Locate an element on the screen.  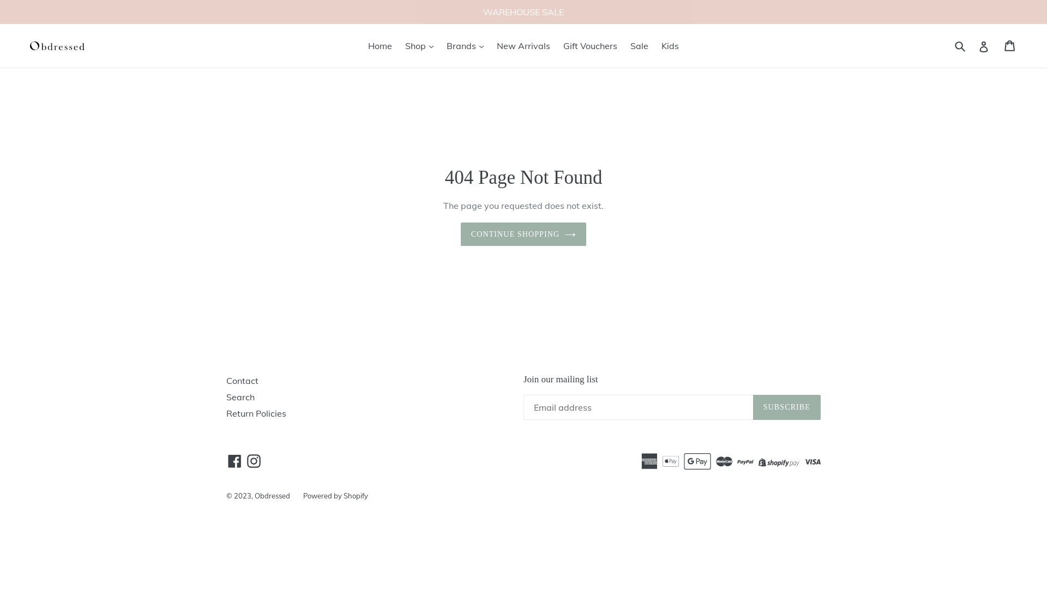
'Log in' is located at coordinates (984, 45).